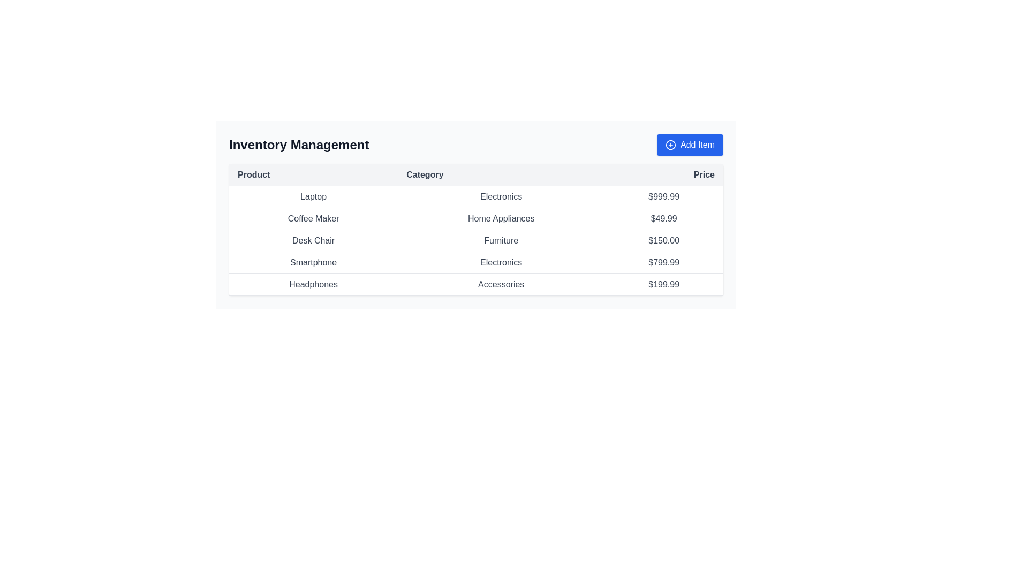 This screenshot has height=578, width=1028. What do you see at coordinates (475, 218) in the screenshot?
I see `text of the second row in the inventory table, which represents a product with its category and price, located below 'Laptop - Electronics - $999.99' and above 'Desk Chair - Furniture - $150.00'` at bounding box center [475, 218].